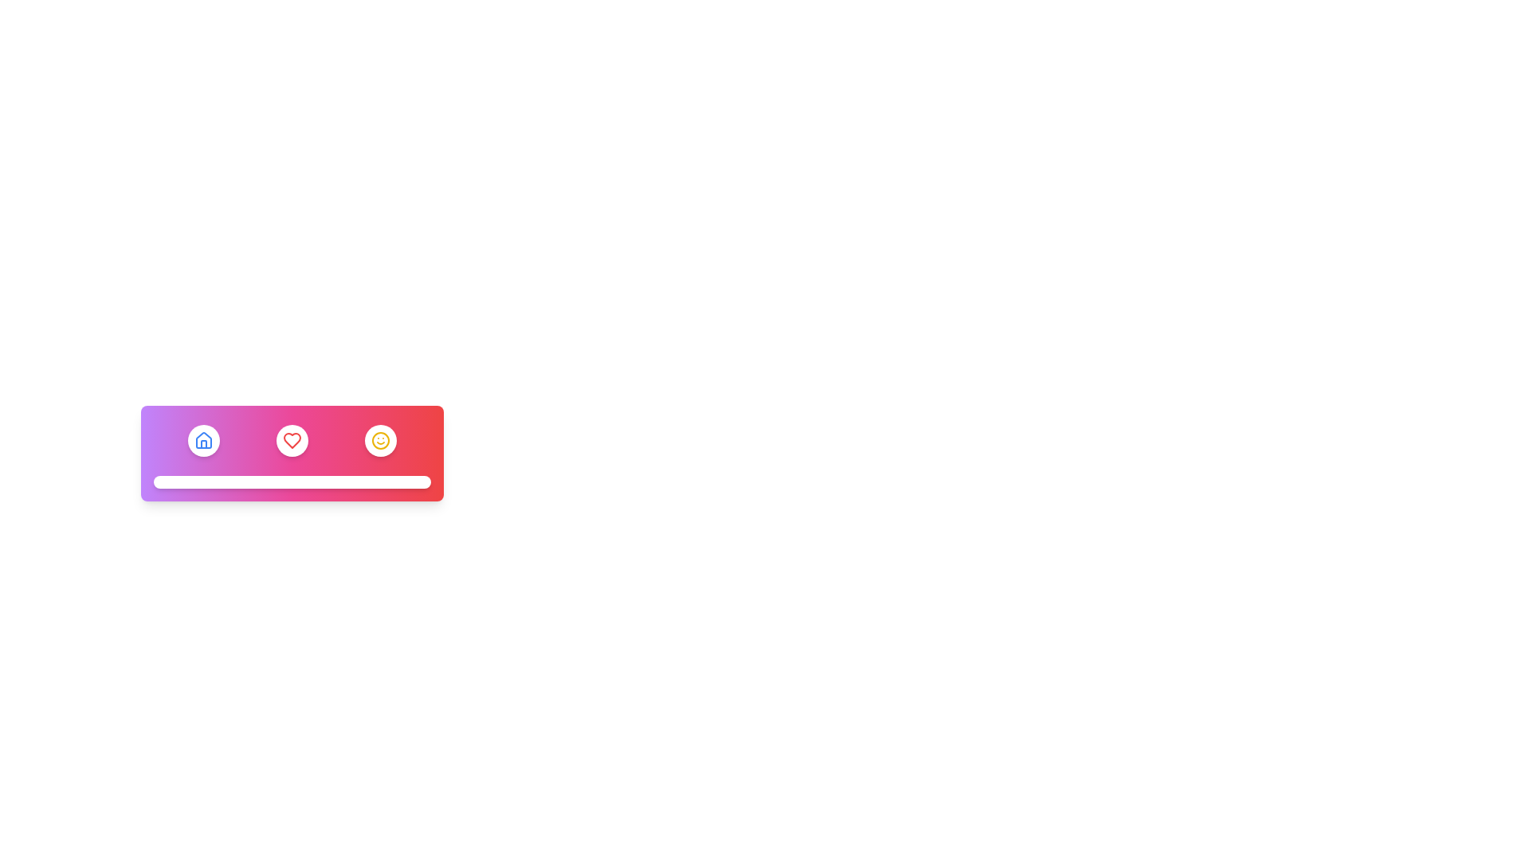 This screenshot has height=861, width=1530. What do you see at coordinates (292, 440) in the screenshot?
I see `the favorites button with a heart icon located in the middle of the bottom navigation bar` at bounding box center [292, 440].